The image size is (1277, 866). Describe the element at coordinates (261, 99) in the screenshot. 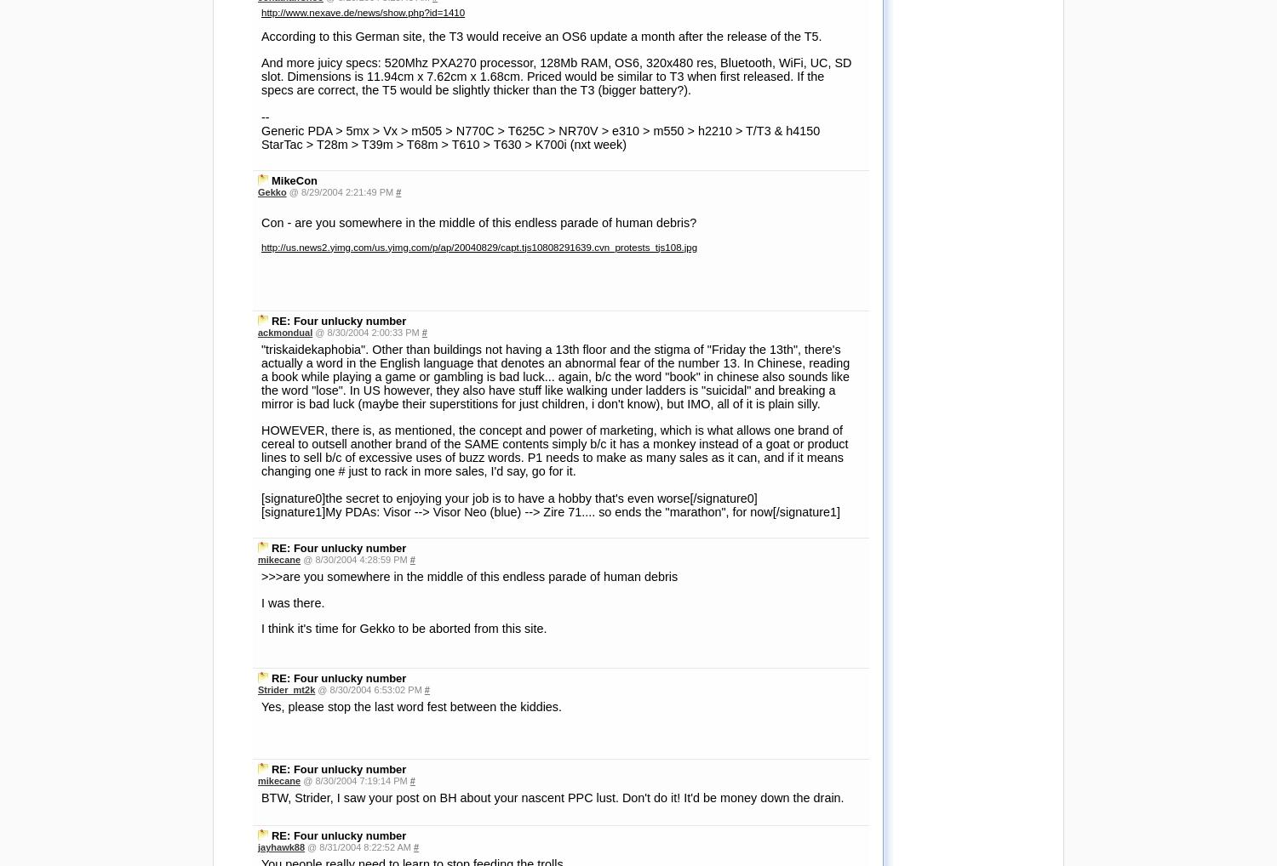

I see `'>>>are you somewhere in the middle of this endless parade of human debris'` at that location.